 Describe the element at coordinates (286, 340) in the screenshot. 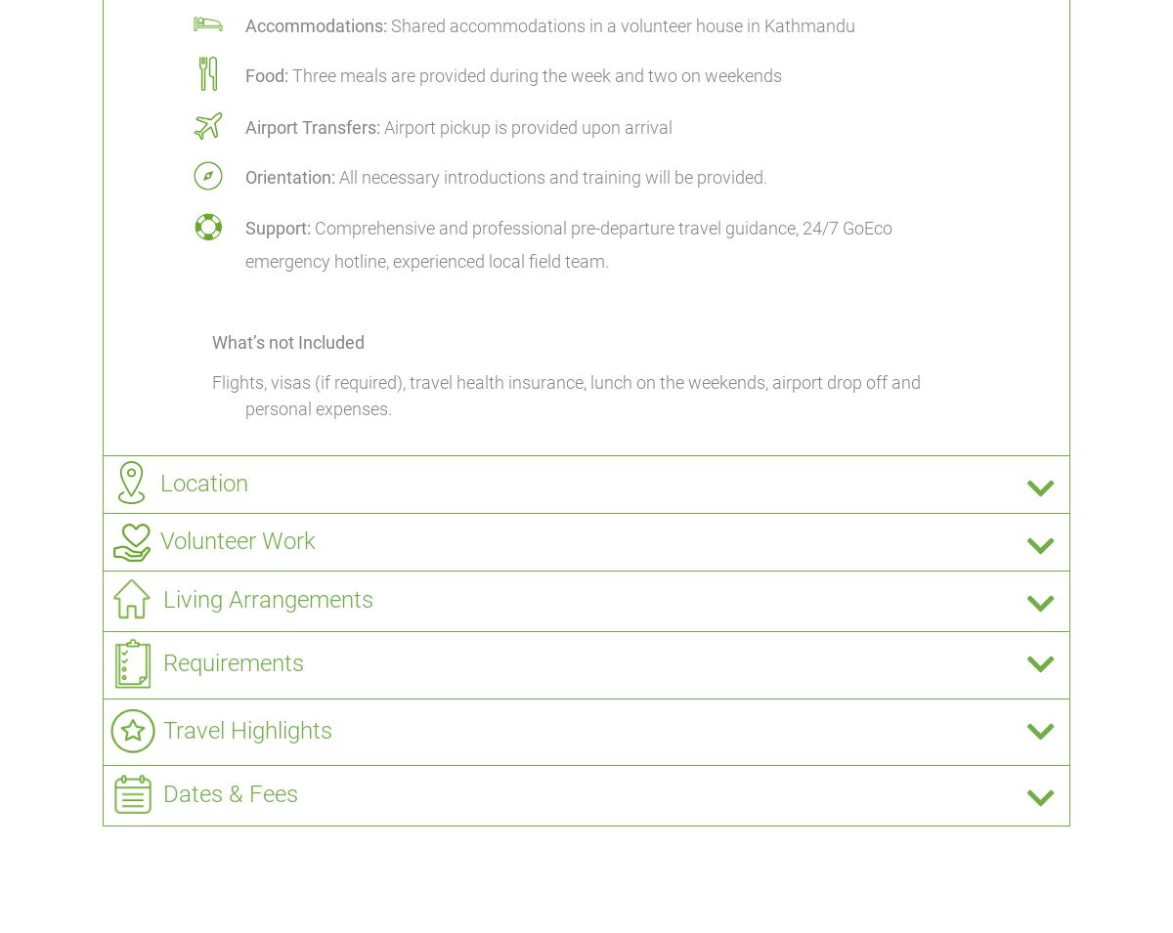

I see `'What’s not Included'` at that location.